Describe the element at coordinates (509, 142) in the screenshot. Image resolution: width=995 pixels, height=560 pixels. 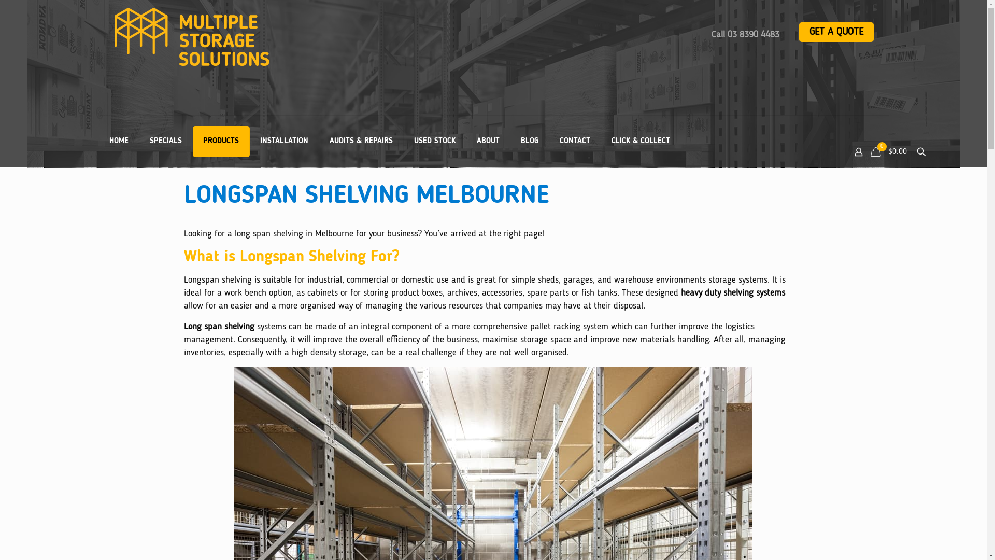
I see `'BLOG'` at that location.